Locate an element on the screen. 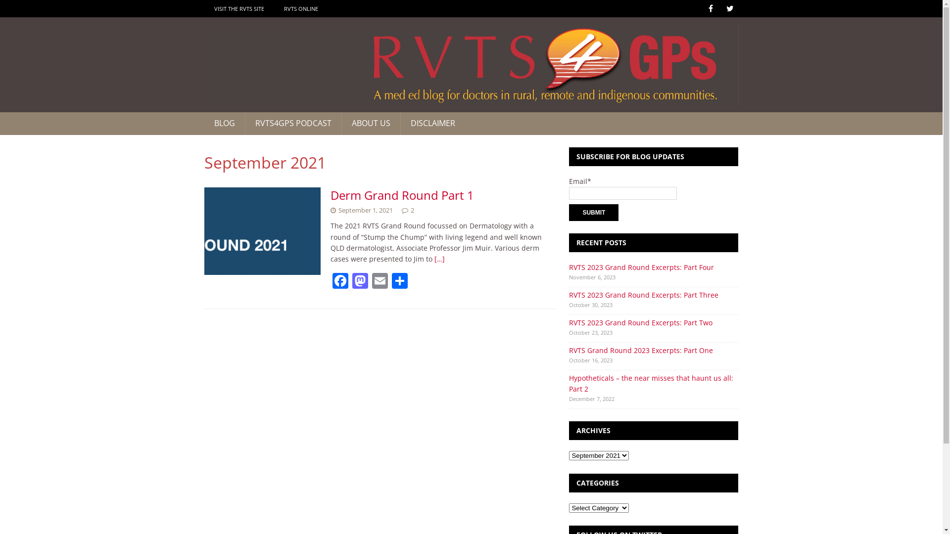  'RVTS Grand Round 2023 Excerpts: Part One' is located at coordinates (569, 350).